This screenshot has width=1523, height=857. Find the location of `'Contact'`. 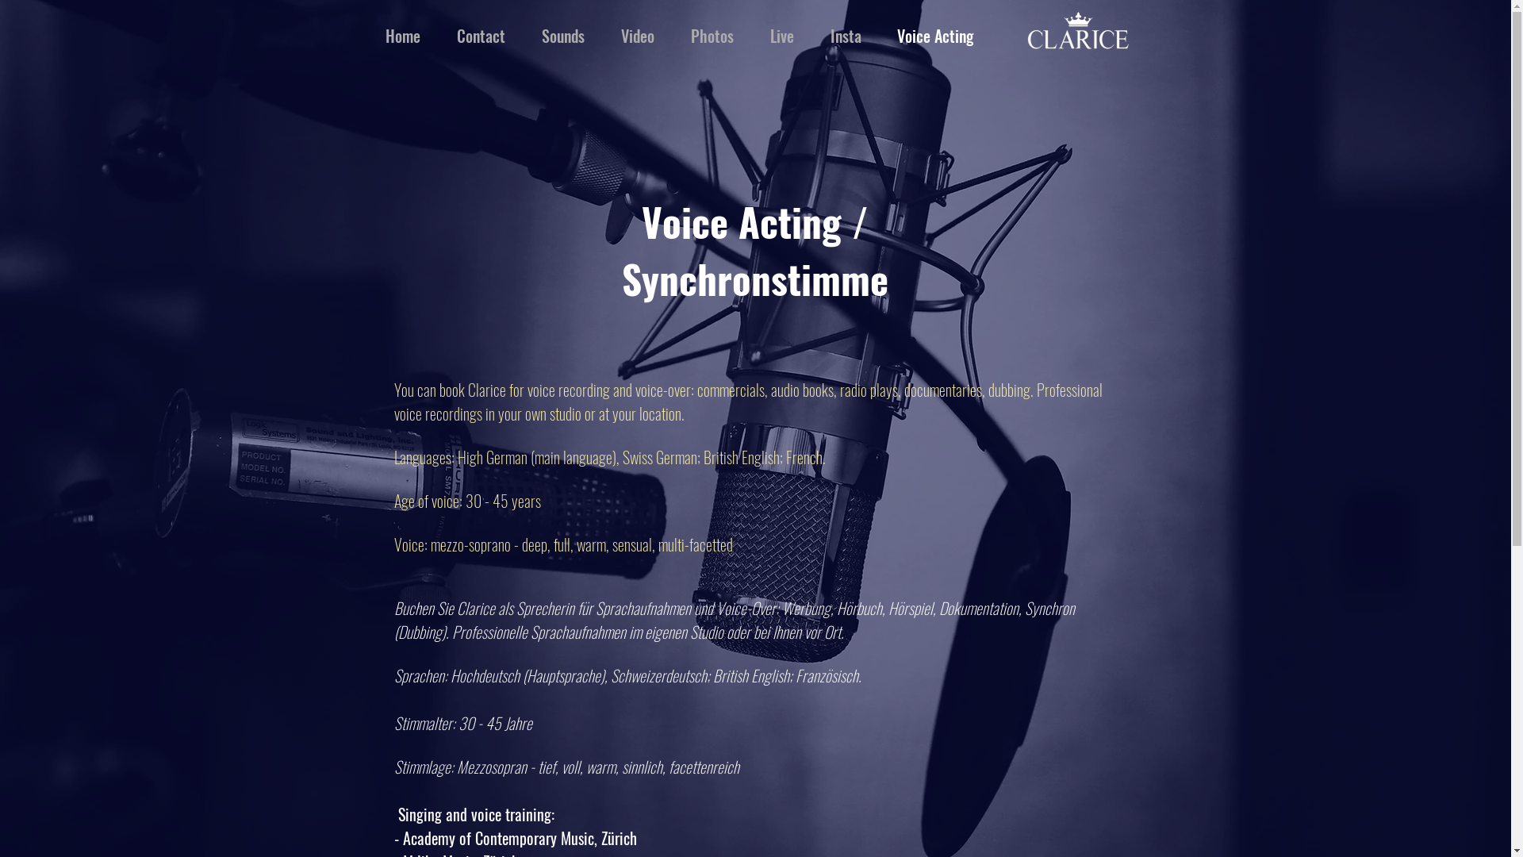

'Contact' is located at coordinates (479, 36).